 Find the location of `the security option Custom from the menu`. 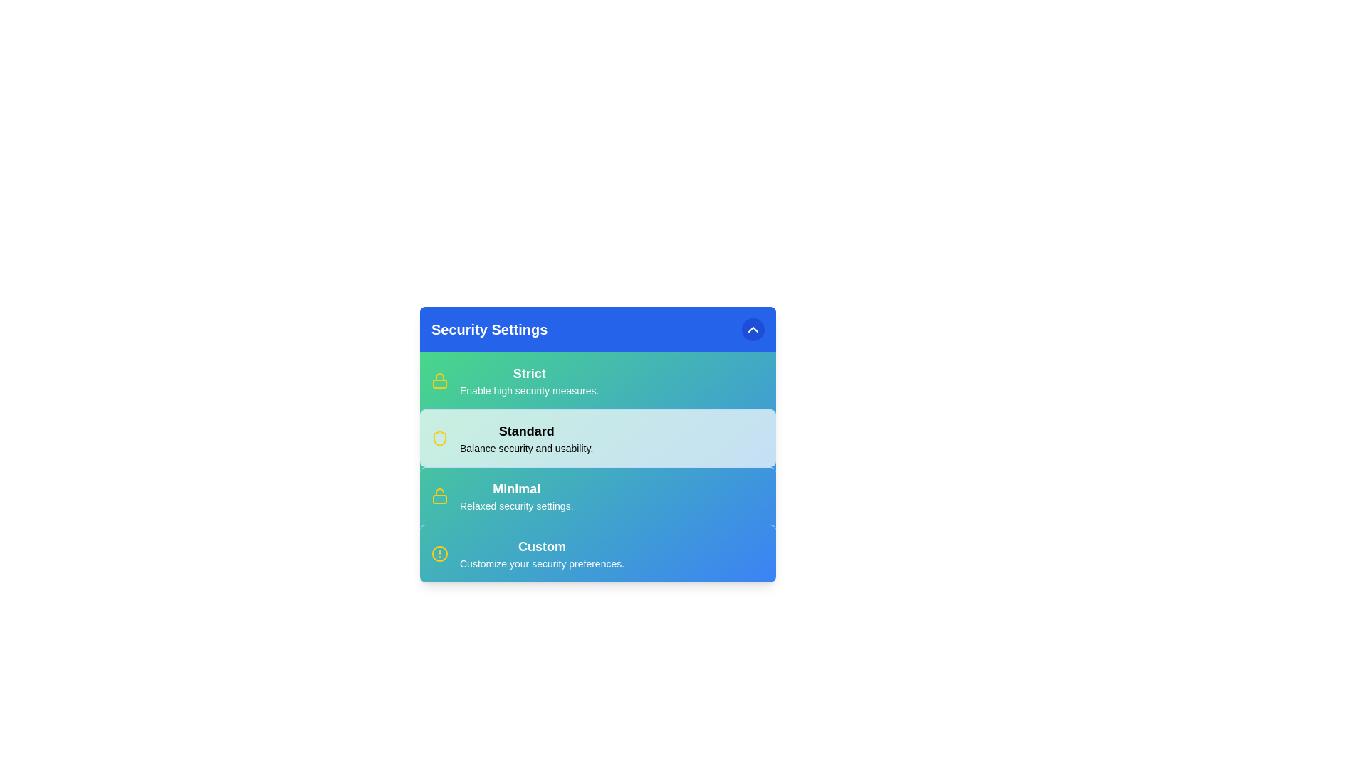

the security option Custom from the menu is located at coordinates (541, 553).